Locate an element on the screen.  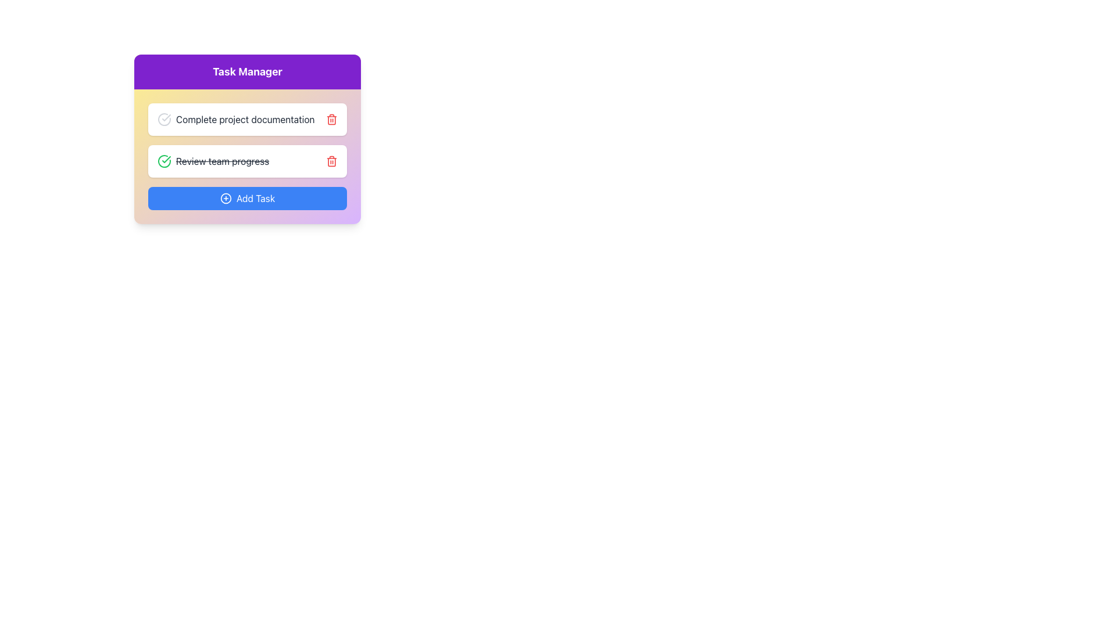
the check icon in the first task entry of the Task Manager to mark the task as complete is located at coordinates (247, 119).